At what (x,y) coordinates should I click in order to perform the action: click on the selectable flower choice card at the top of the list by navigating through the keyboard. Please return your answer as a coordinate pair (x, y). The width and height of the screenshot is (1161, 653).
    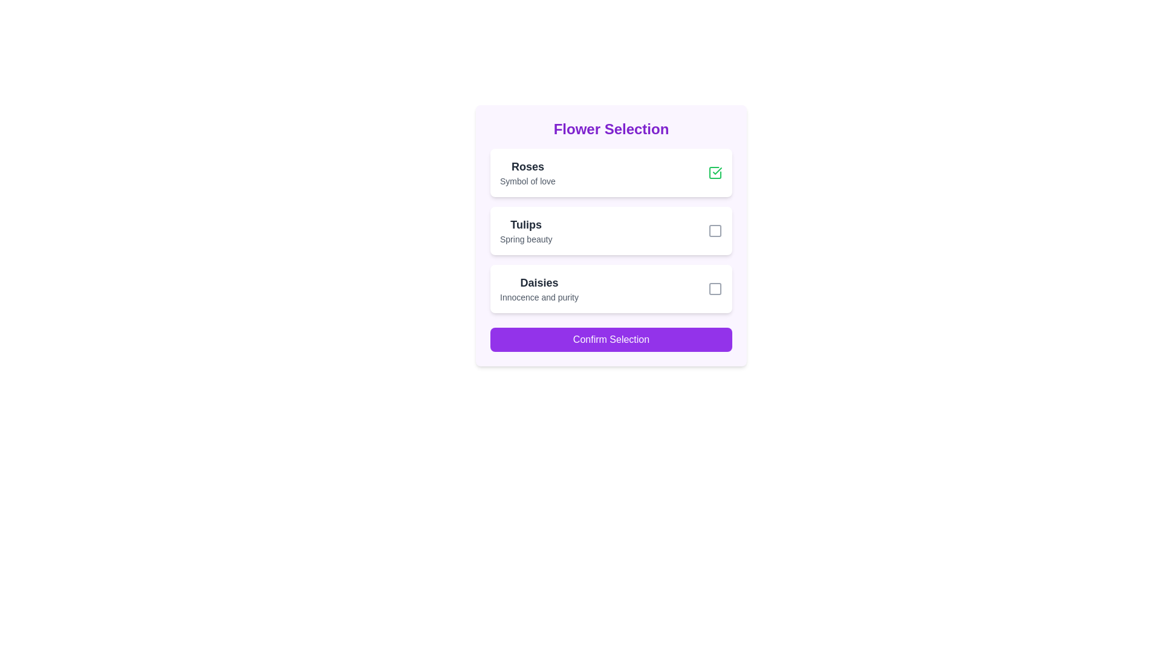
    Looking at the image, I should click on (611, 172).